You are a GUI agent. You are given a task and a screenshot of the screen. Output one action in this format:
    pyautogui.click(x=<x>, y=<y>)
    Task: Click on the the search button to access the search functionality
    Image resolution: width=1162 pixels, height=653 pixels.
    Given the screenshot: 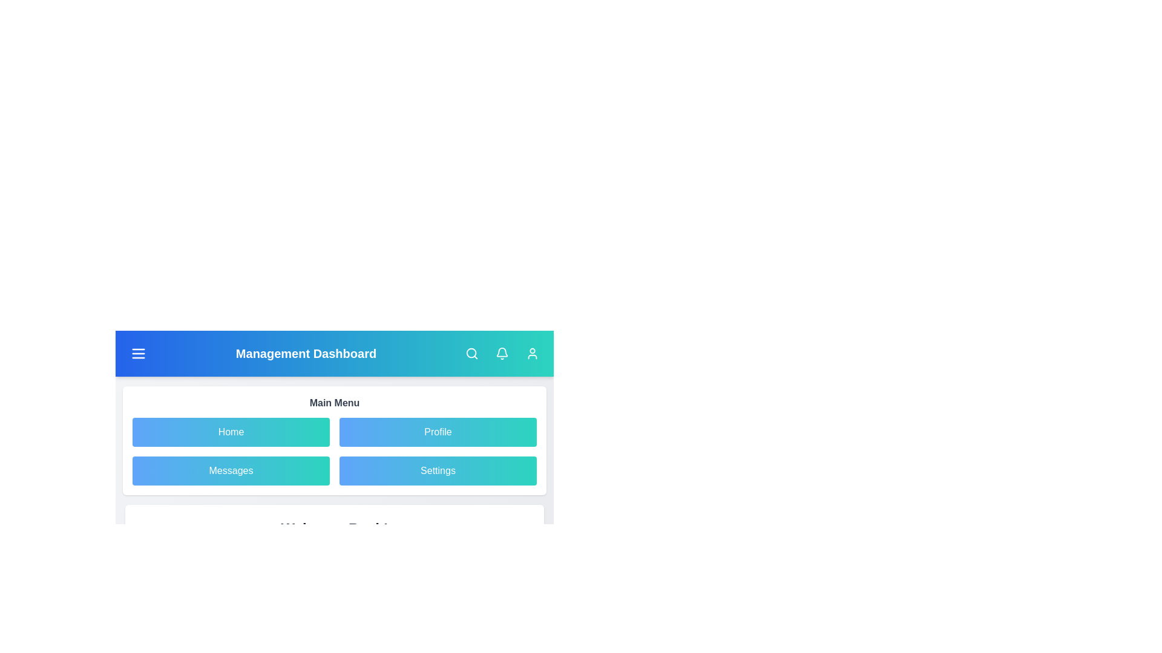 What is the action you would take?
    pyautogui.click(x=471, y=354)
    